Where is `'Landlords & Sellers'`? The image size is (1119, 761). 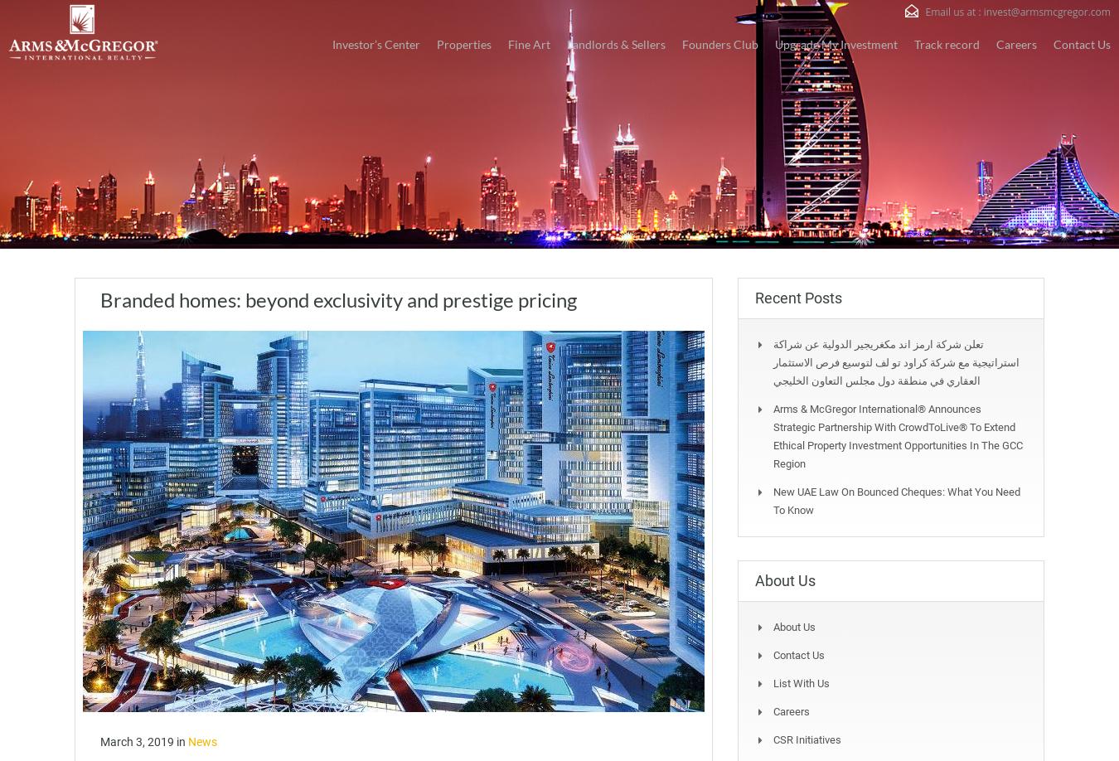 'Landlords & Sellers' is located at coordinates (615, 43).